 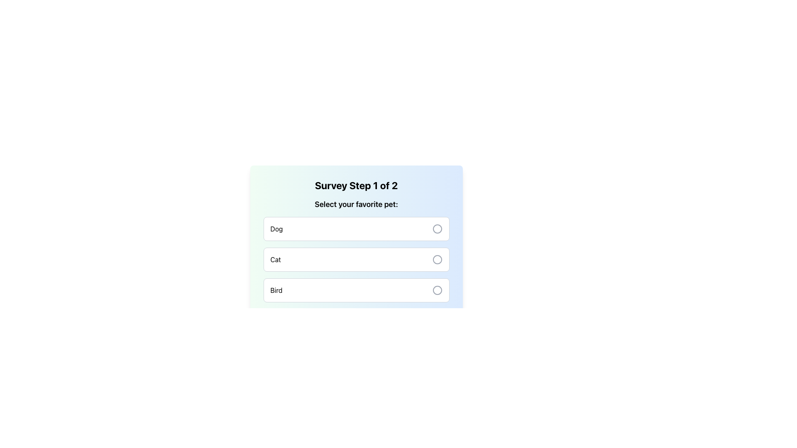 What do you see at coordinates (356, 252) in the screenshot?
I see `the 'Cat' radio button option in the survey` at bounding box center [356, 252].